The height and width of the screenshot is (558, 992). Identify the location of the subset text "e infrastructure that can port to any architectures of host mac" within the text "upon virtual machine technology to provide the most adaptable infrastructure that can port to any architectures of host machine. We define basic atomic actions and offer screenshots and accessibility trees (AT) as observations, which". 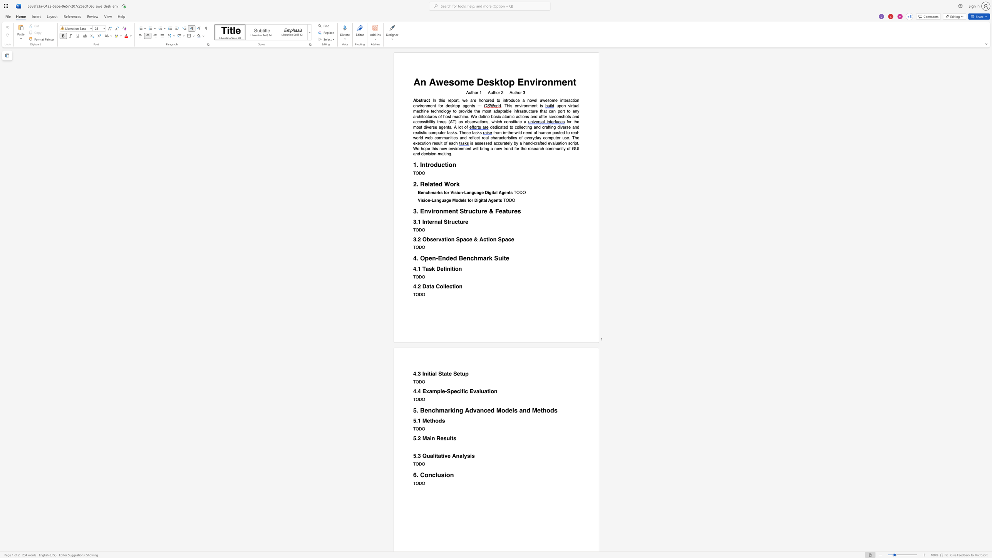
(509, 111).